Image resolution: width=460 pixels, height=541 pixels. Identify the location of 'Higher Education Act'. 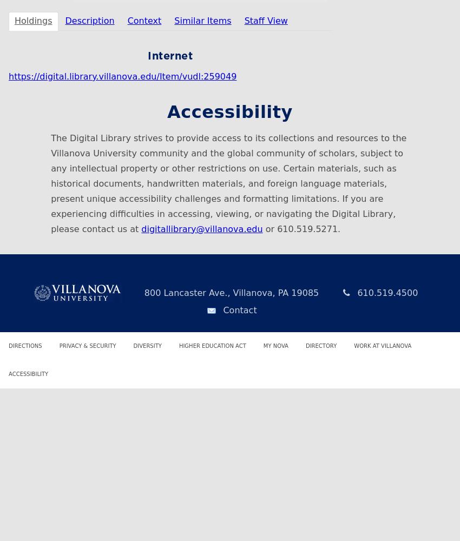
(212, 345).